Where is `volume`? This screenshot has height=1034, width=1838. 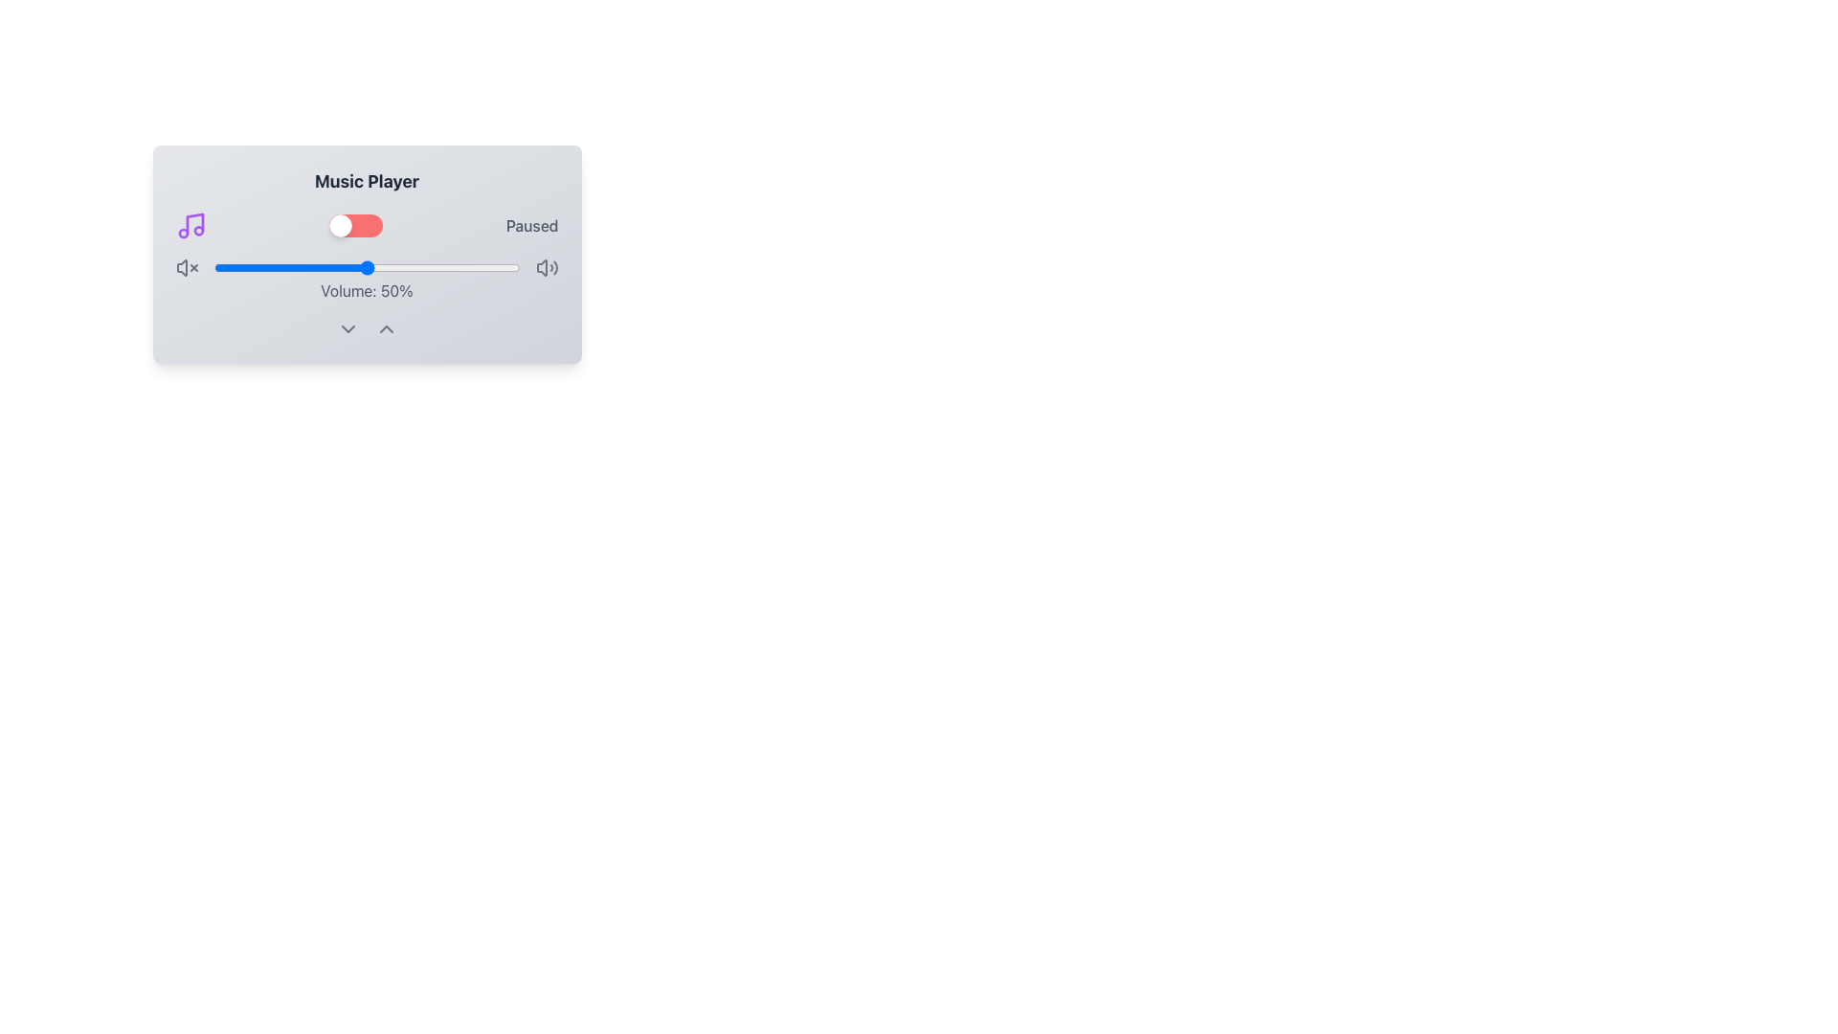 volume is located at coordinates (471, 268).